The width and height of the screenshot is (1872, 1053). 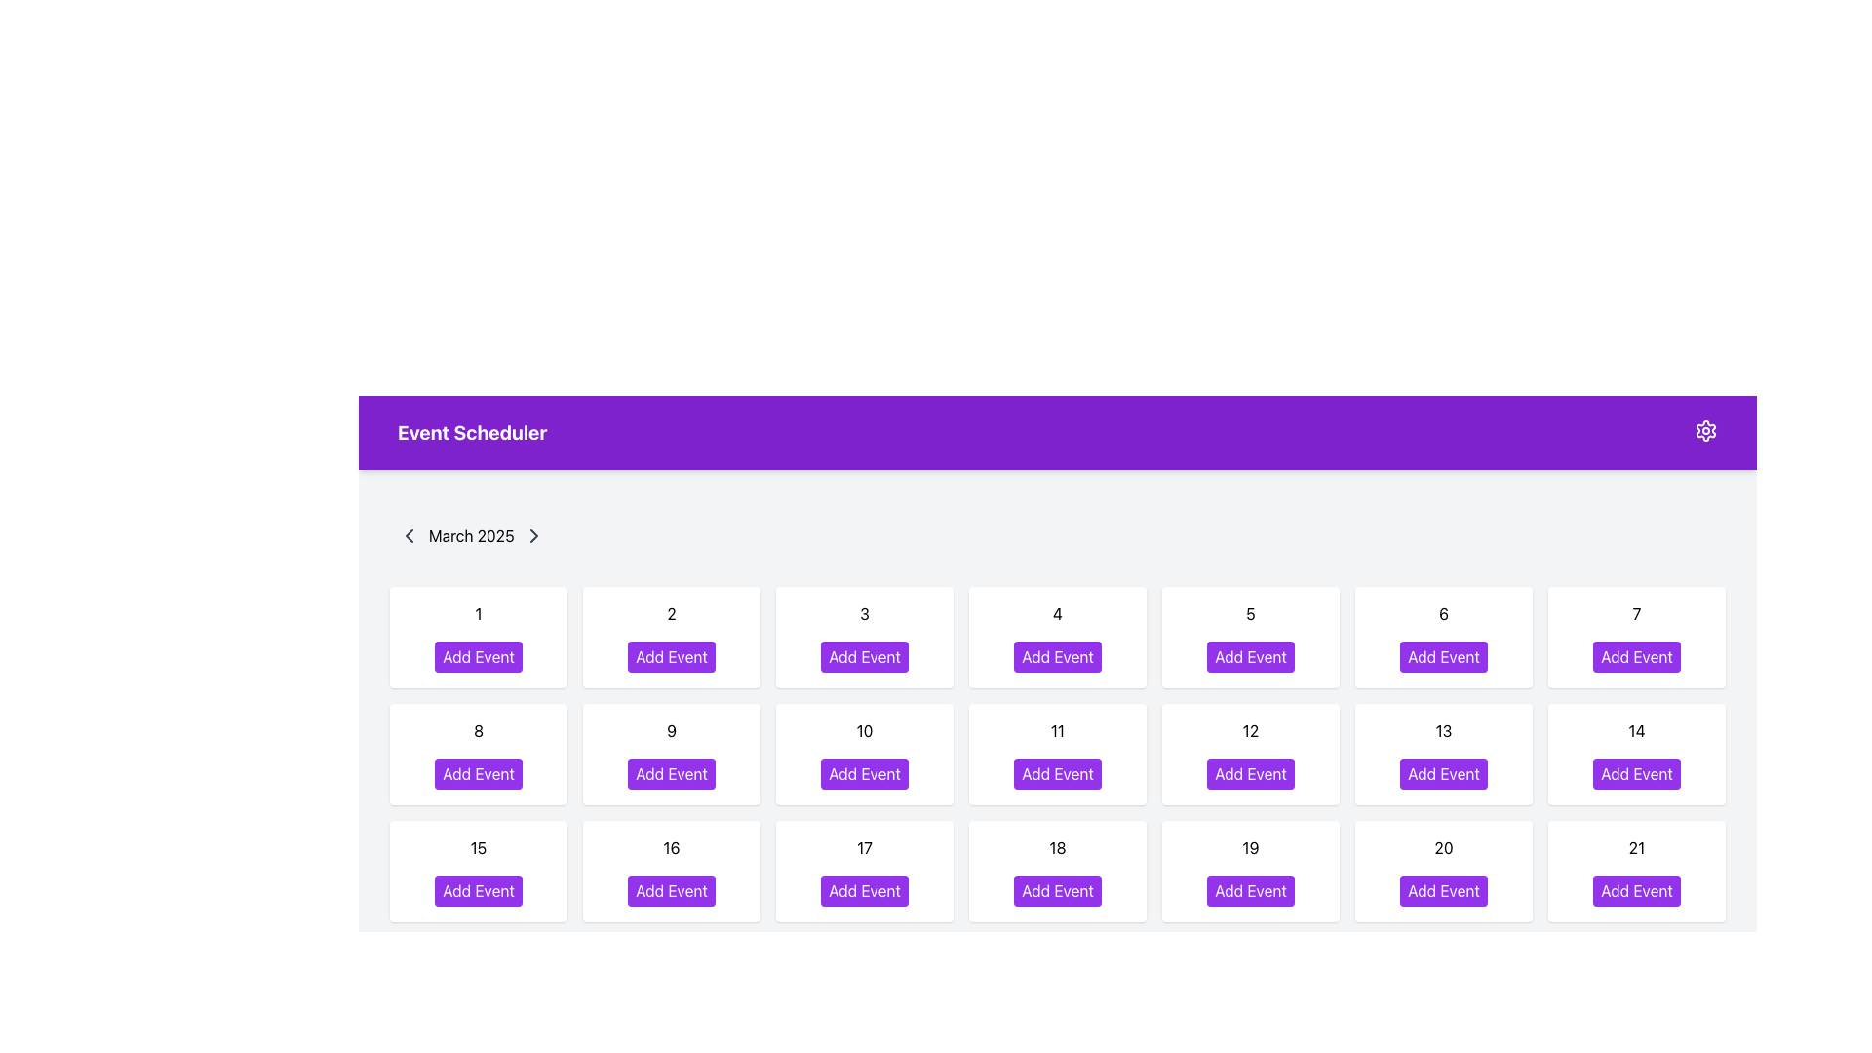 What do you see at coordinates (864, 657) in the screenshot?
I see `the 'Add Event' button located under the date '3' in the calendar interface` at bounding box center [864, 657].